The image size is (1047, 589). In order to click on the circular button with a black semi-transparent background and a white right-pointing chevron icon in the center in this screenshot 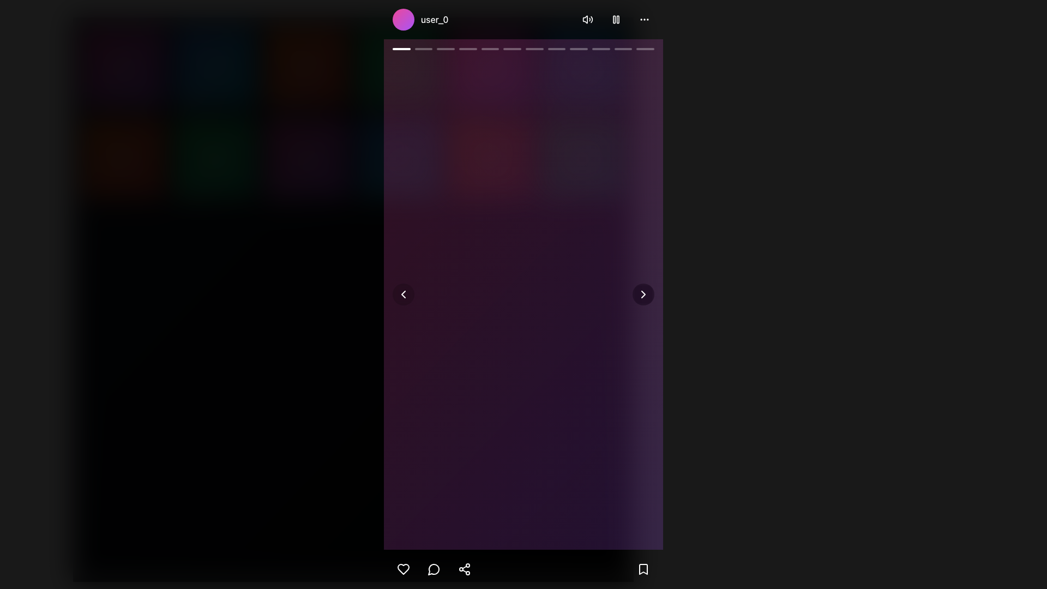, I will do `click(643, 294)`.